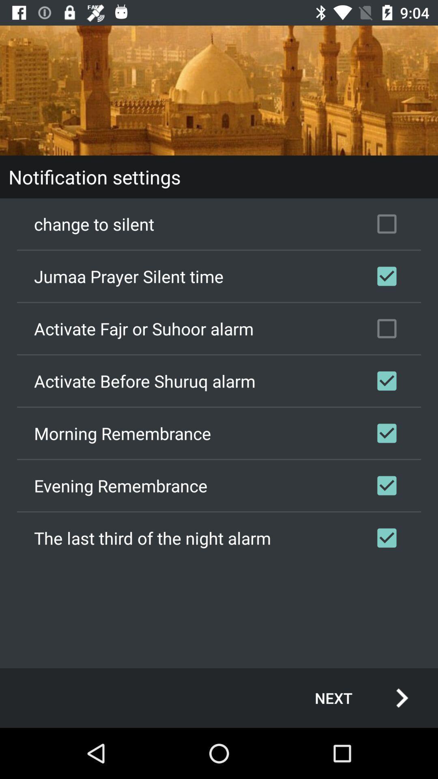 Image resolution: width=438 pixels, height=779 pixels. Describe the element at coordinates (219, 276) in the screenshot. I see `jumaa prayer silent icon` at that location.